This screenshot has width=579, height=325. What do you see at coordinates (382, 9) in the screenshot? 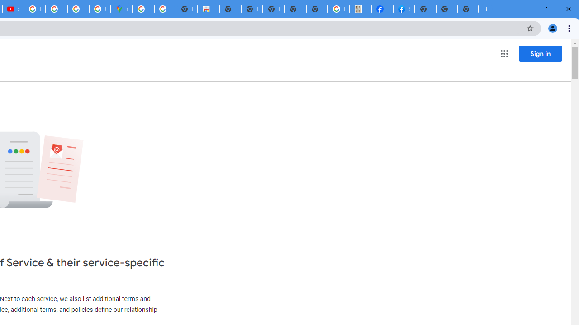
I see `'Miley Cyrus | Facebook'` at bounding box center [382, 9].